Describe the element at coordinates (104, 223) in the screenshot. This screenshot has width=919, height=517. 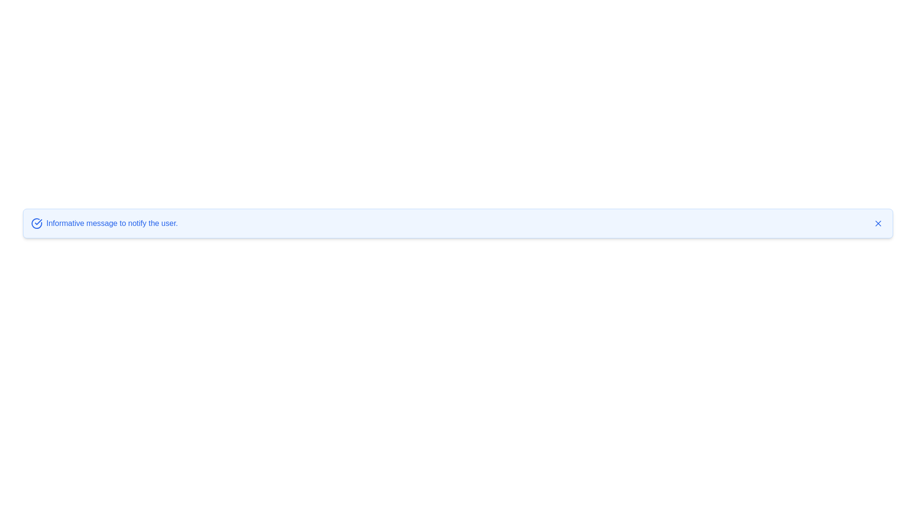
I see `the text display element that contains blue text reading 'Informative message to notify the user' with a checkmark icon on its left` at that location.